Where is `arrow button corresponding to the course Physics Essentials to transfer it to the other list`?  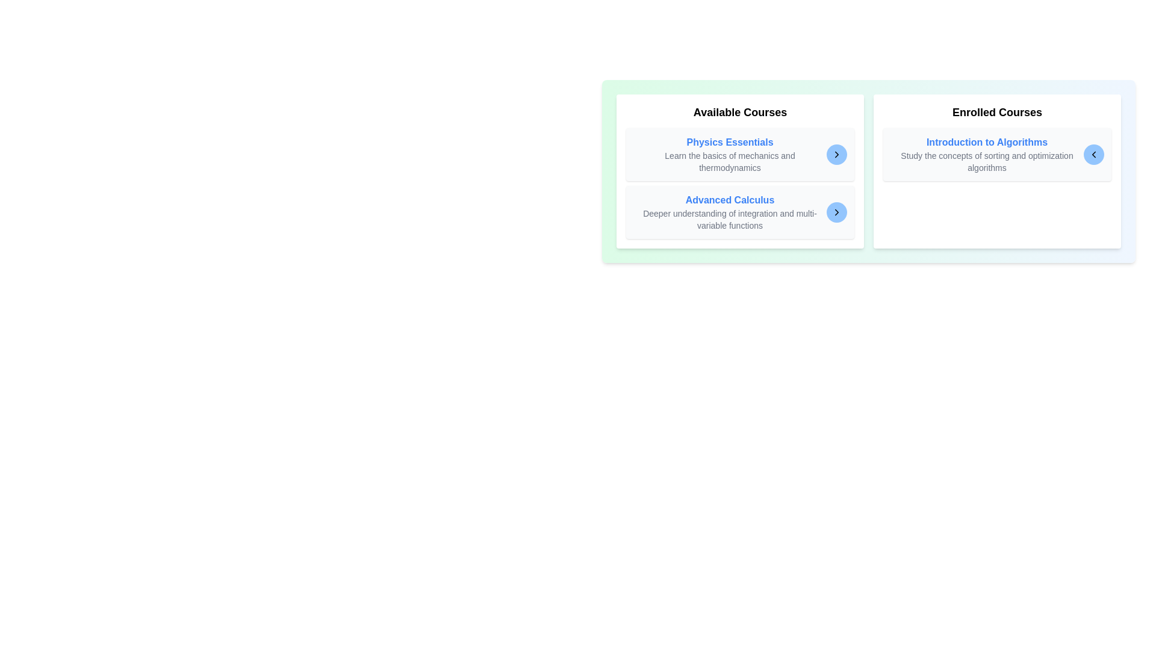
arrow button corresponding to the course Physics Essentials to transfer it to the other list is located at coordinates (836, 154).